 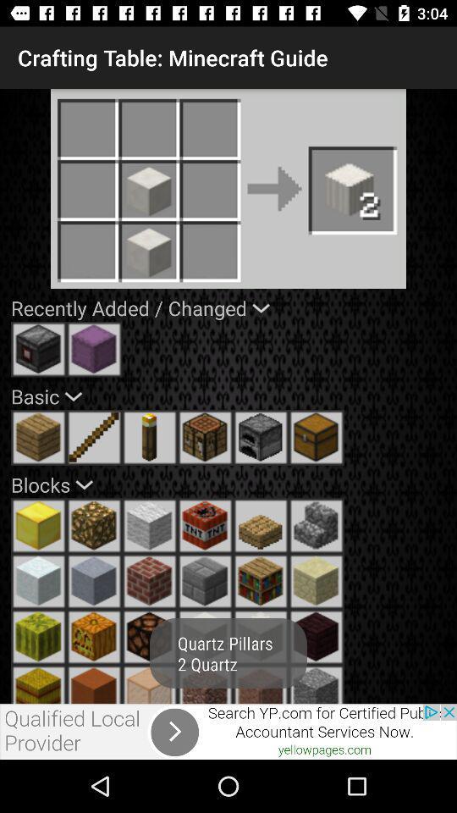 What do you see at coordinates (38, 348) in the screenshot?
I see `click on the black box` at bounding box center [38, 348].